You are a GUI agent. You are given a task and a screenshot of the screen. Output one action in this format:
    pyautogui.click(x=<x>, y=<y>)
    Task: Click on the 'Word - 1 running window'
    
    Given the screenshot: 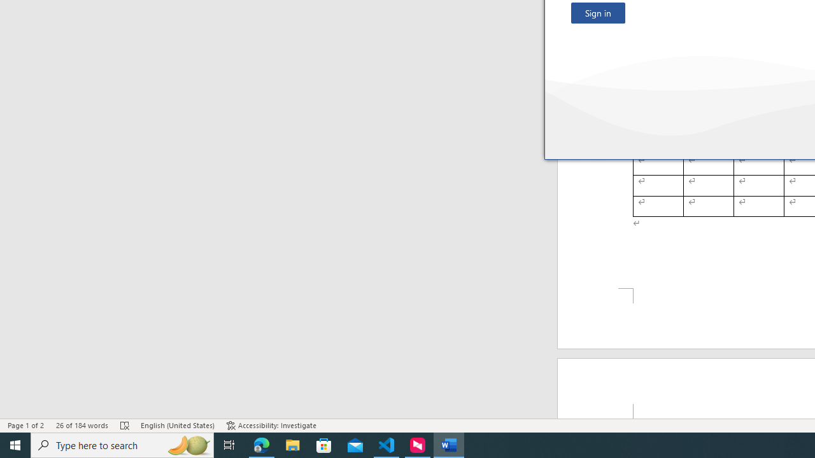 What is the action you would take?
    pyautogui.click(x=449, y=444)
    